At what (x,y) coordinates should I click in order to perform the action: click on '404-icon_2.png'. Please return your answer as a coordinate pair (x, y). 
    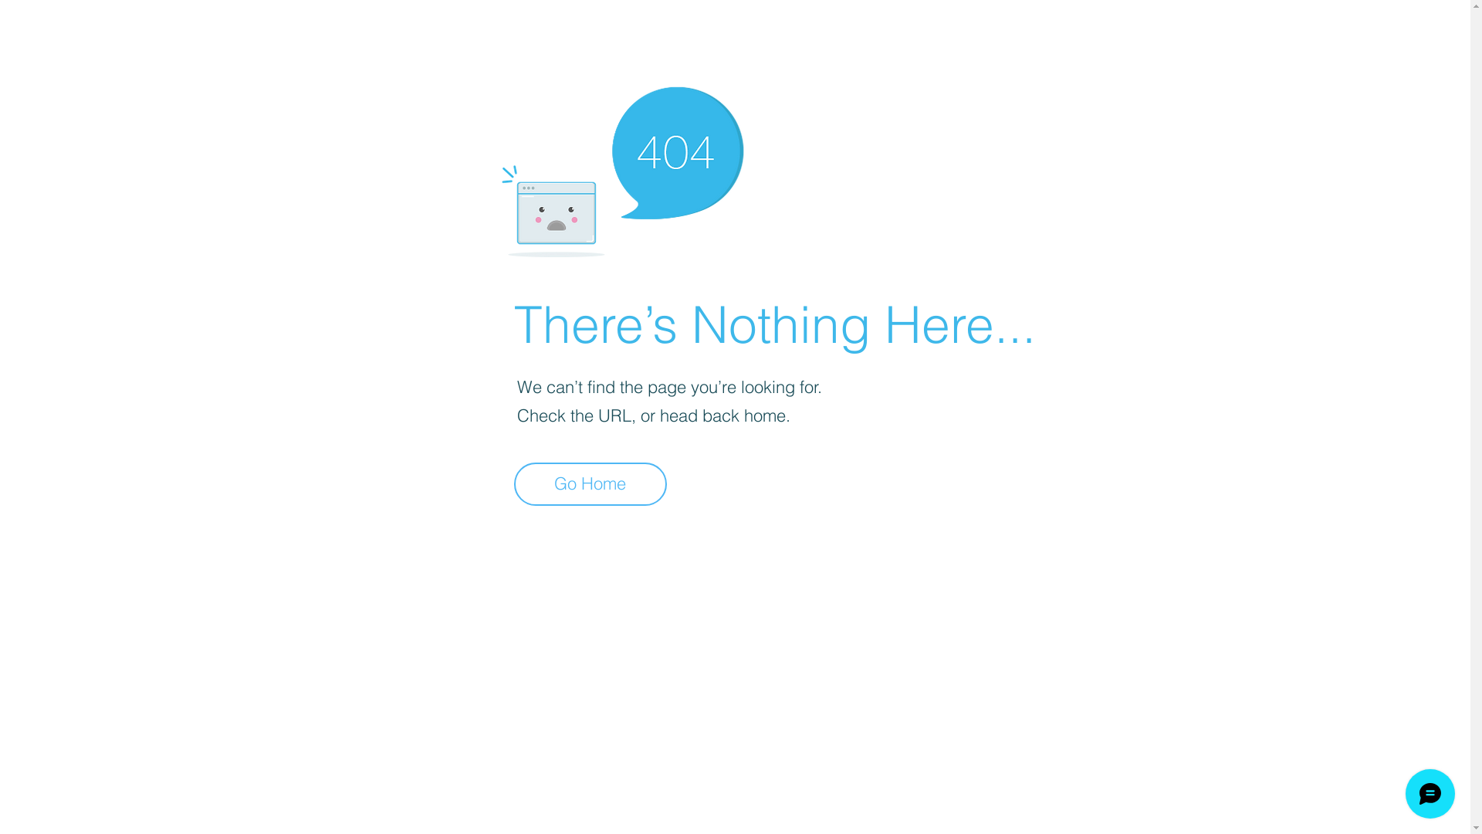
    Looking at the image, I should click on (621, 168).